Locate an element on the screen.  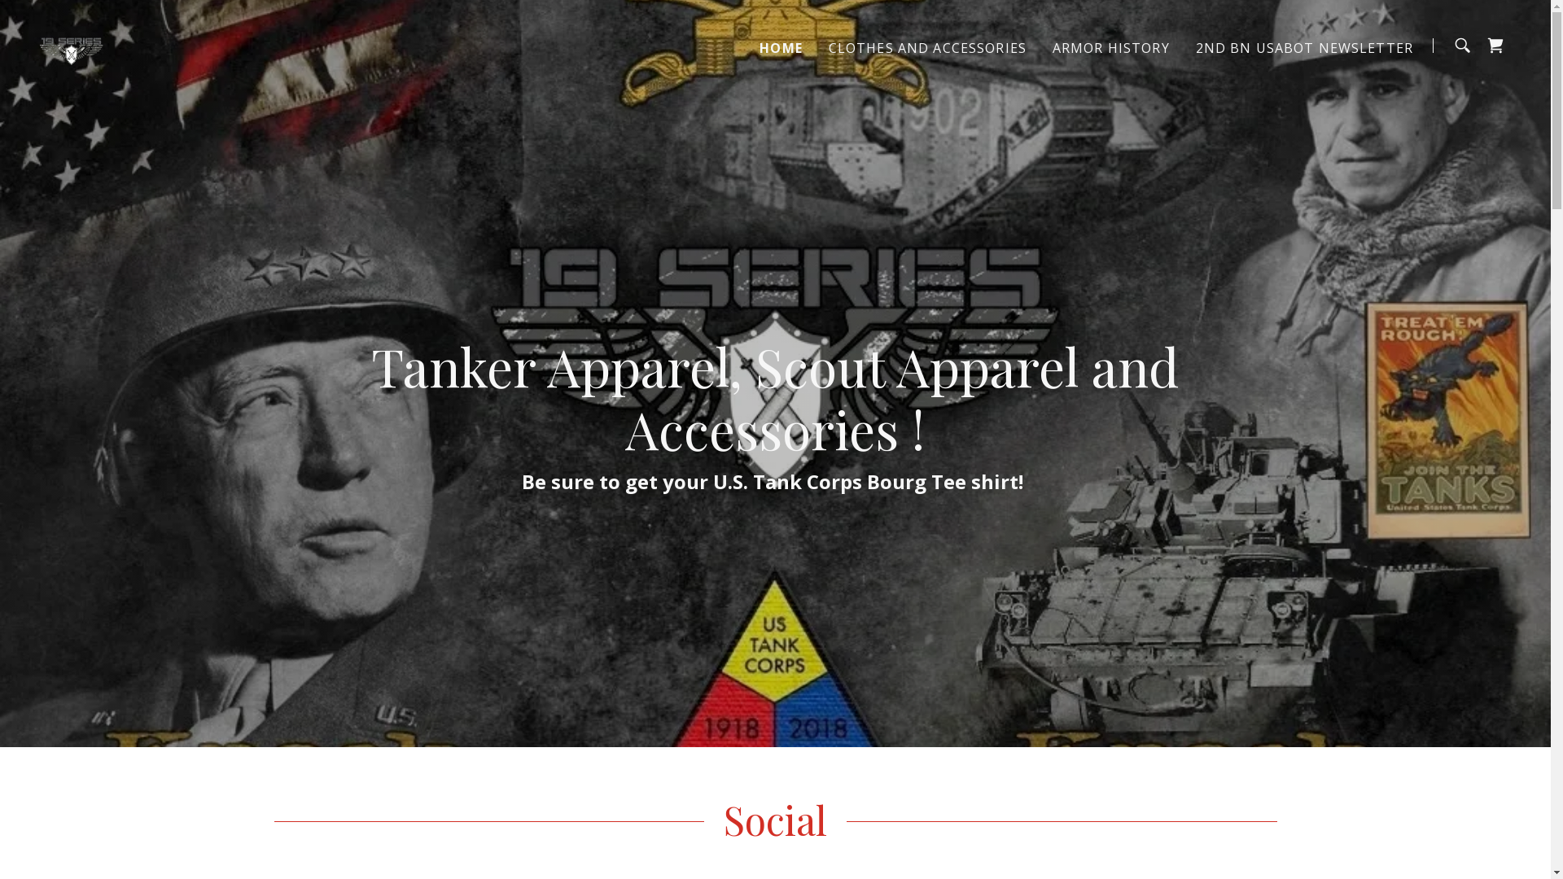
'ARMOR HISTORY' is located at coordinates (1110, 46).